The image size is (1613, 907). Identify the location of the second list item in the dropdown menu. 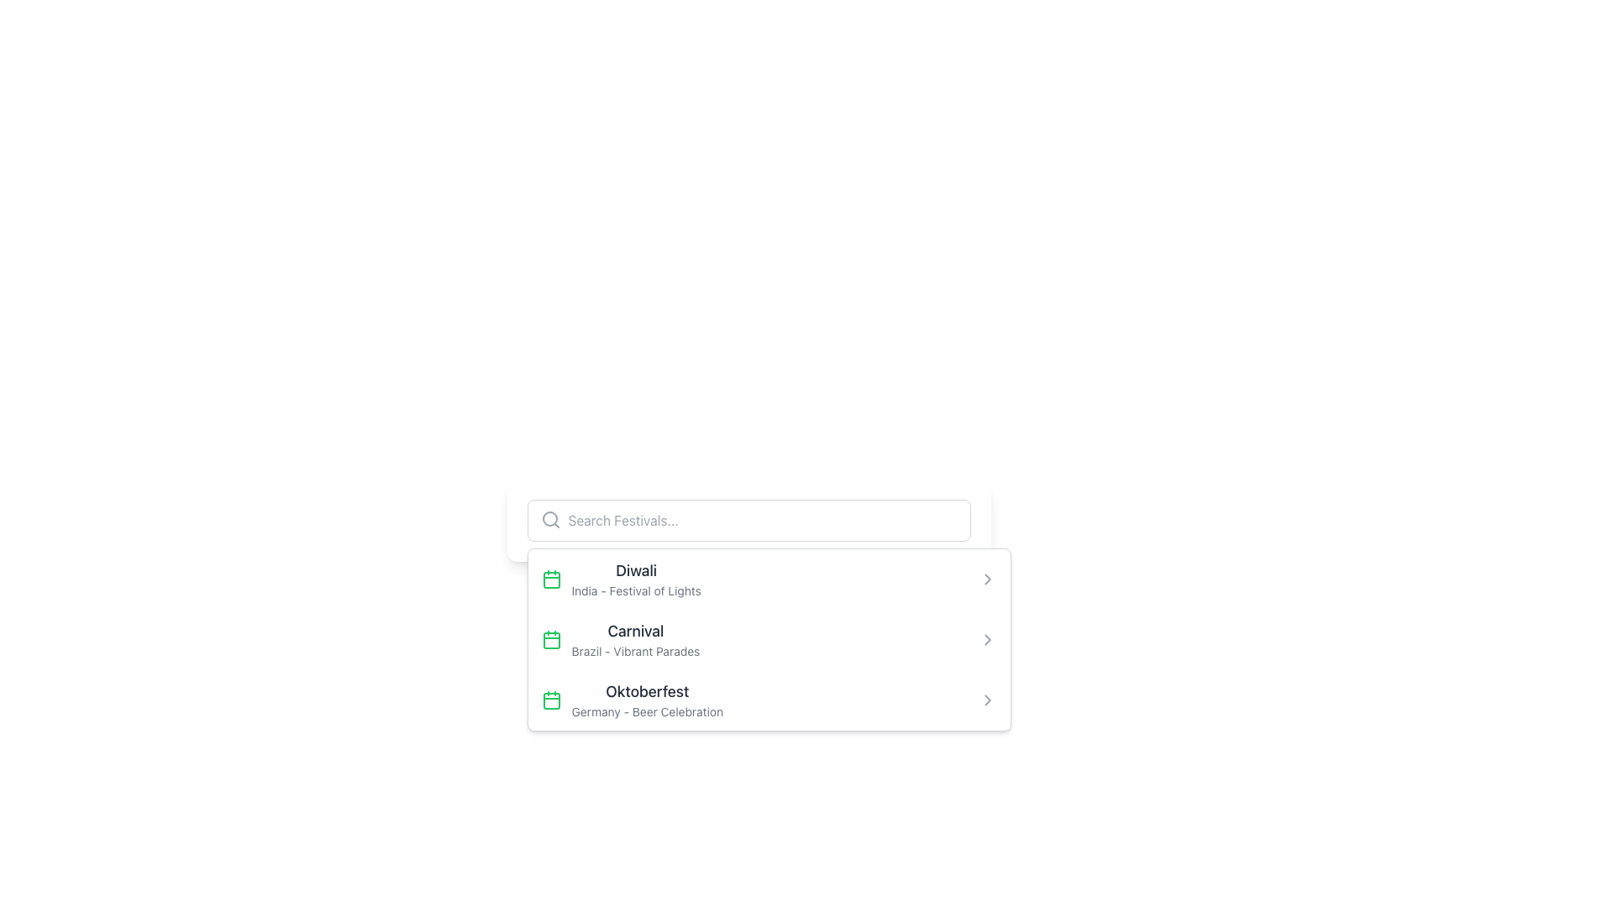
(768, 640).